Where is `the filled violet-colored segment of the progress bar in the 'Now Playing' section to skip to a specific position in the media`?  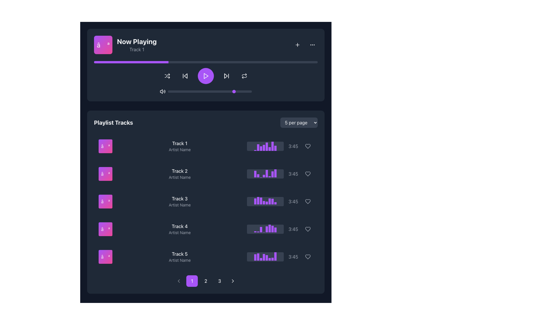
the filled violet-colored segment of the progress bar in the 'Now Playing' section to skip to a specific position in the media is located at coordinates (131, 62).